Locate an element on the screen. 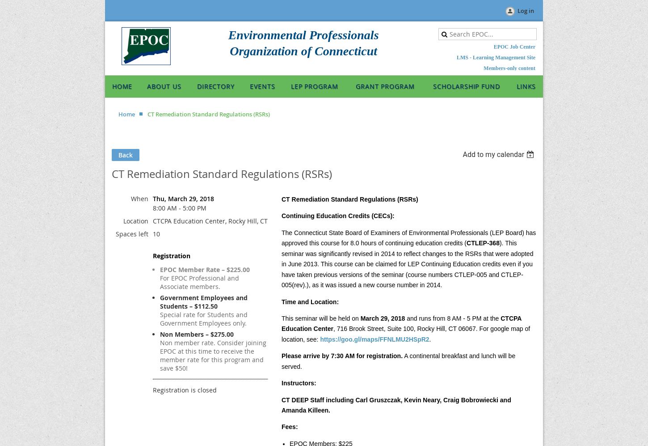  'Instructors:' is located at coordinates (298, 383).